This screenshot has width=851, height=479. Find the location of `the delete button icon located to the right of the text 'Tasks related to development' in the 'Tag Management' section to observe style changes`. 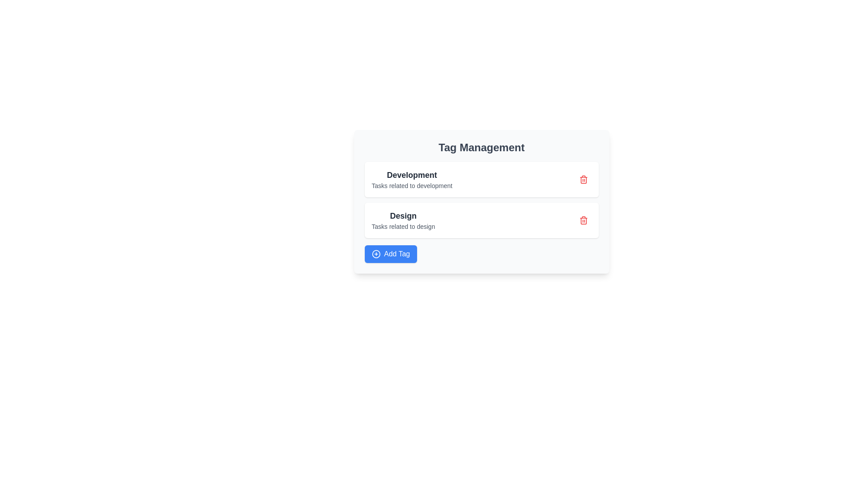

the delete button icon located to the right of the text 'Tasks related to development' in the 'Tag Management' section to observe style changes is located at coordinates (583, 180).